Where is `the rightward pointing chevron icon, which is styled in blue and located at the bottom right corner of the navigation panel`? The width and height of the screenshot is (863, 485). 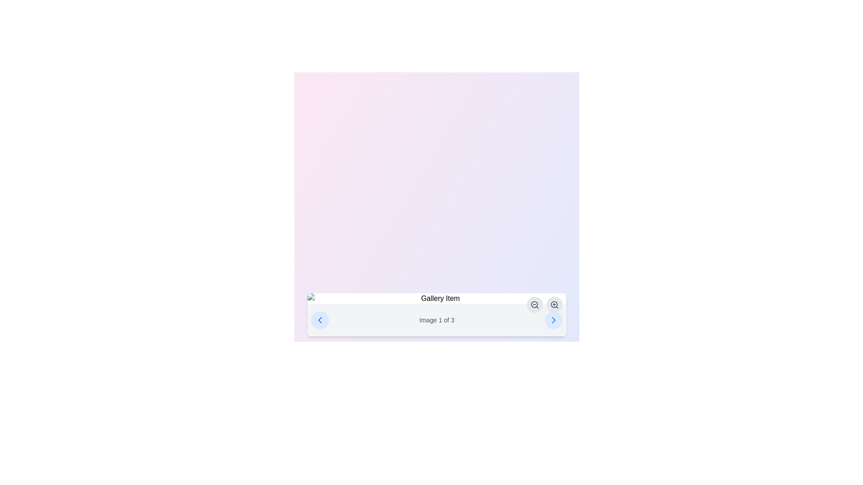
the rightward pointing chevron icon, which is styled in blue and located at the bottom right corner of the navigation panel is located at coordinates (553, 320).